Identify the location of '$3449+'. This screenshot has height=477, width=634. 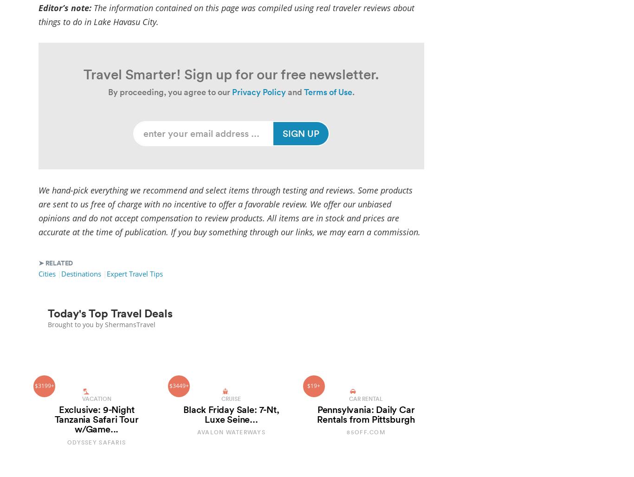
(178, 386).